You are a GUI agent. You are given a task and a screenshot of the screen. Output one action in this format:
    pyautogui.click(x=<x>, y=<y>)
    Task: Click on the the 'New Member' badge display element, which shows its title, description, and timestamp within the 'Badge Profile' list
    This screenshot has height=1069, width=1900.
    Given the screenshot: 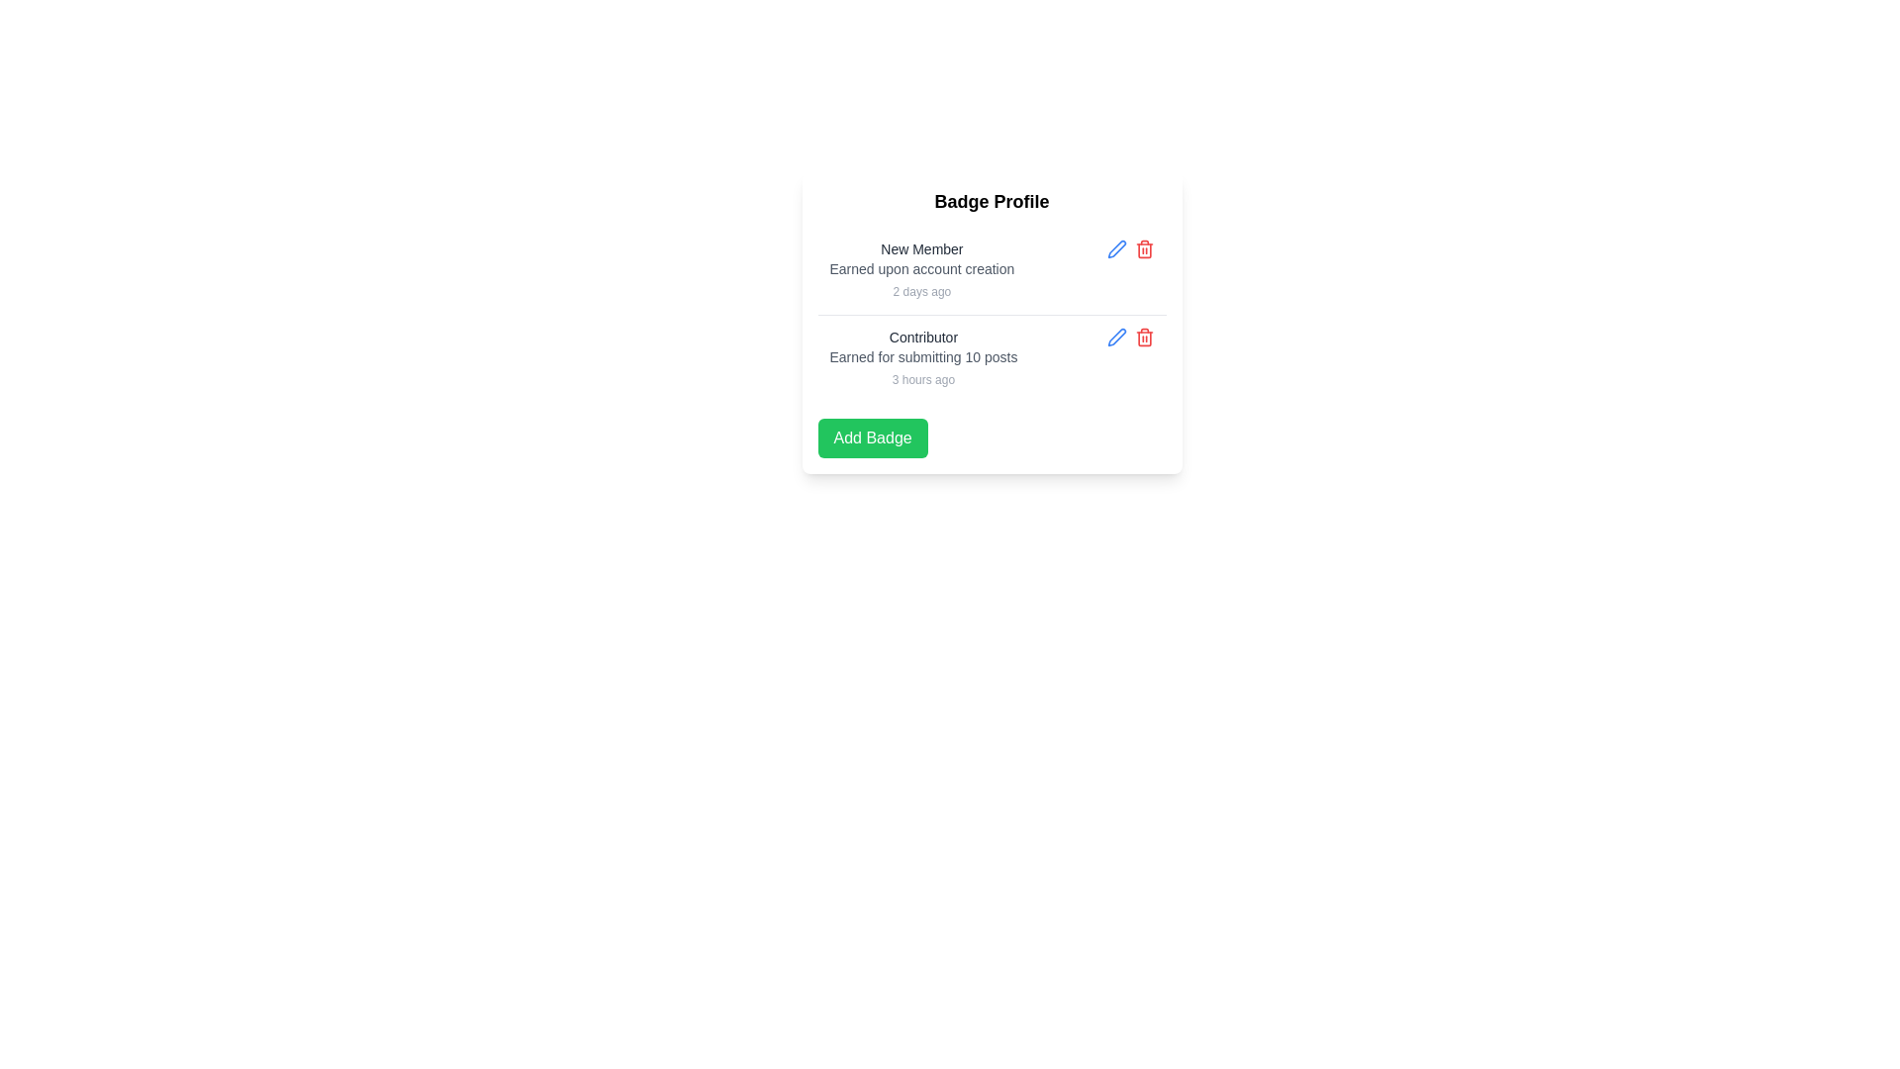 What is the action you would take?
    pyautogui.click(x=920, y=270)
    